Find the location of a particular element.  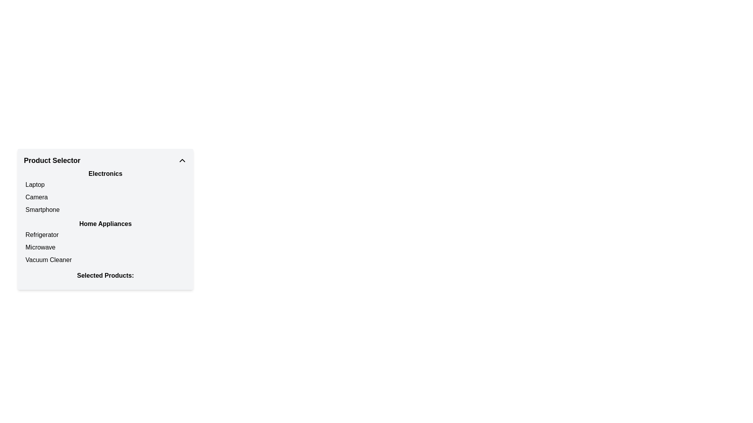

titles and subcategories of the textual sectioned list located centrally below the 'Product Selector' title, which categorizes products under 'Electronics' and 'Home Appliances' is located at coordinates (105, 217).